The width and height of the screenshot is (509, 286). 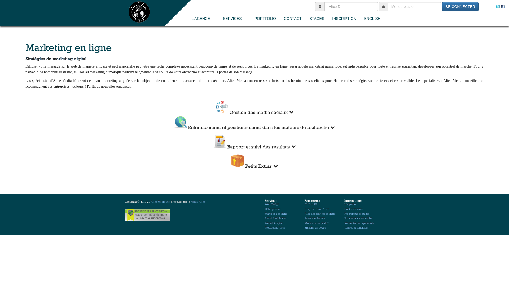 What do you see at coordinates (304, 227) in the screenshot?
I see `'Signaler un bogue'` at bounding box center [304, 227].